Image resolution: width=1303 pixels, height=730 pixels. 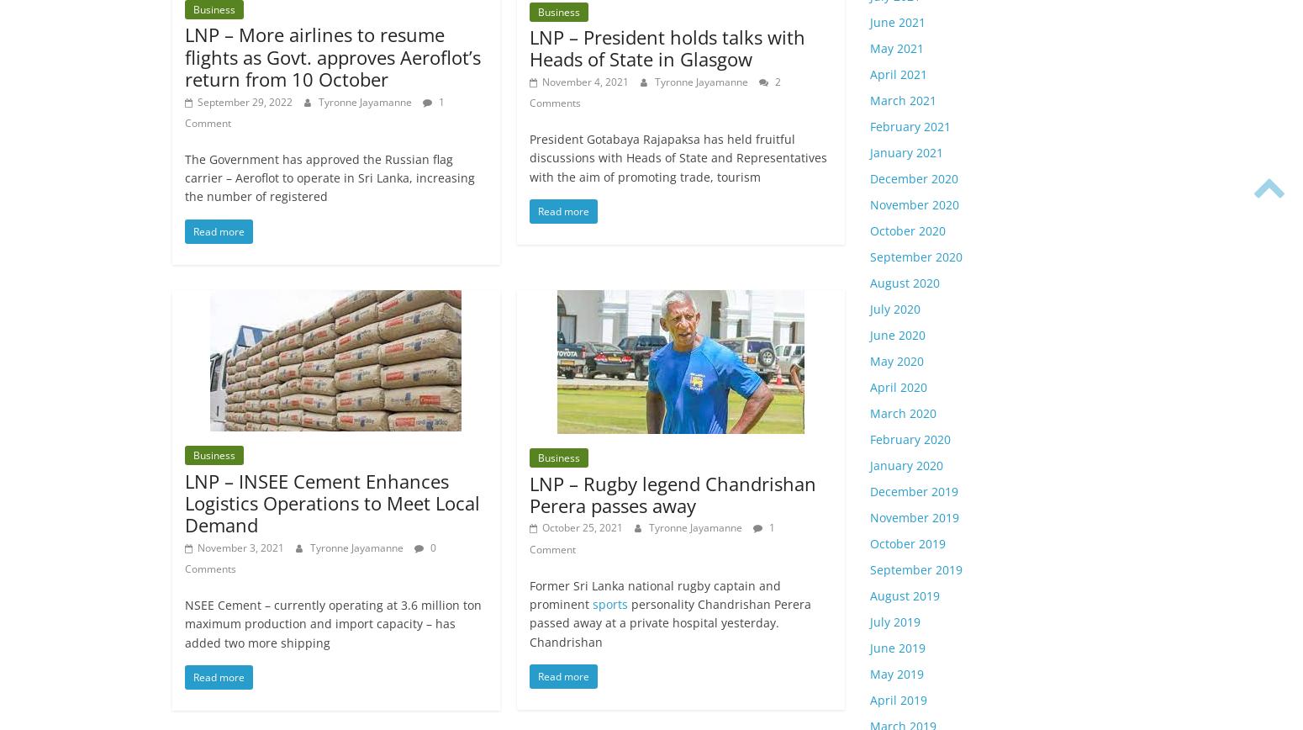 I want to click on 'October 2019', so click(x=908, y=543).